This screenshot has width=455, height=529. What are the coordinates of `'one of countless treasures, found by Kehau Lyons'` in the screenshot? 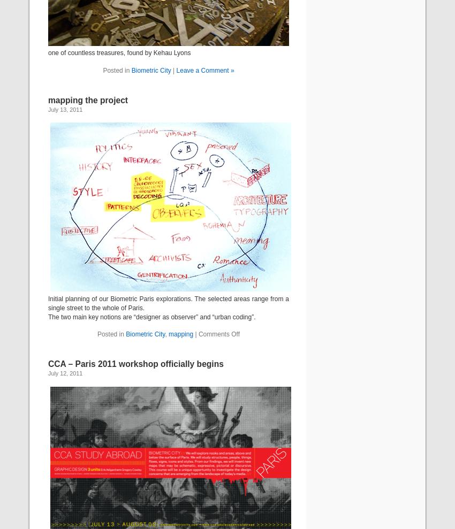 It's located at (119, 52).